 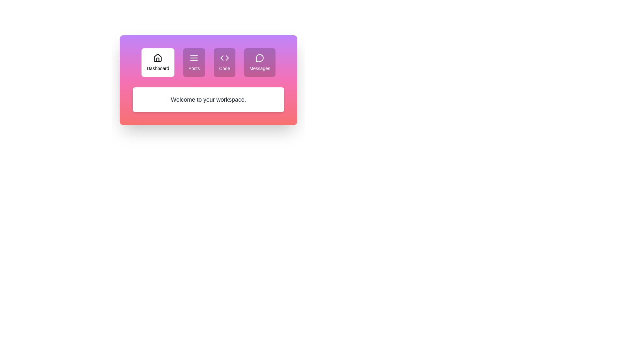 What do you see at coordinates (259, 57) in the screenshot?
I see `the icon of the tab labeled Messages` at bounding box center [259, 57].